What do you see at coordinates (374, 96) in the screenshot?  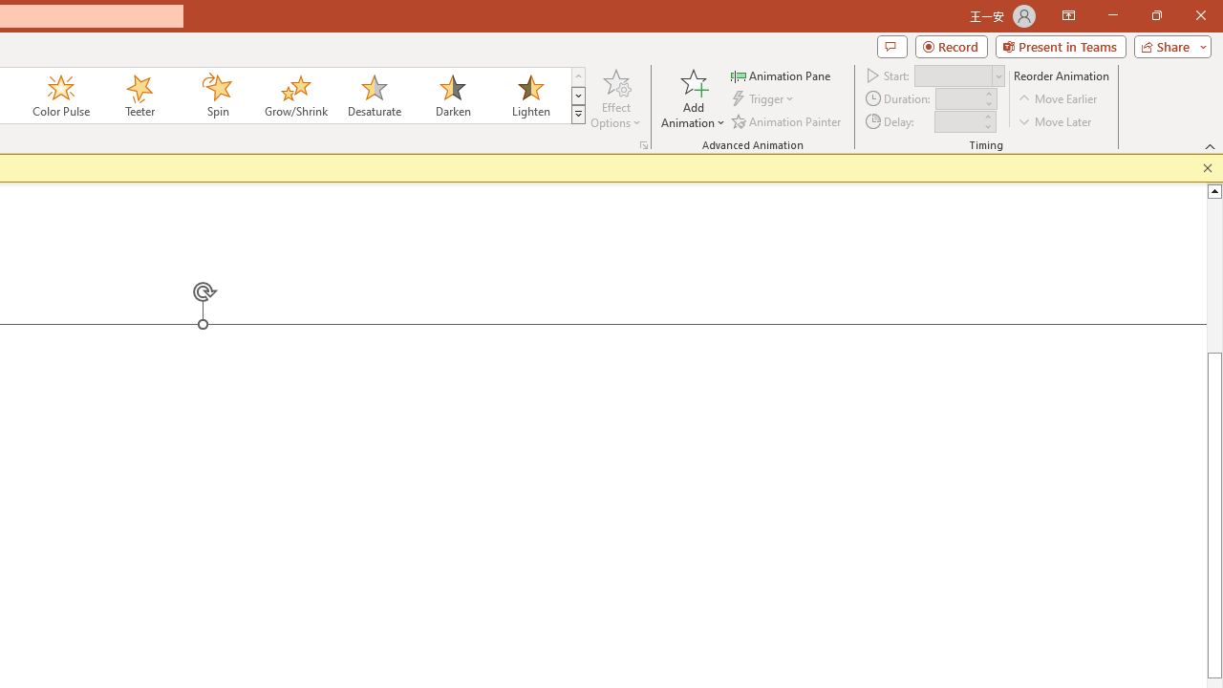 I see `'Desaturate'` at bounding box center [374, 96].